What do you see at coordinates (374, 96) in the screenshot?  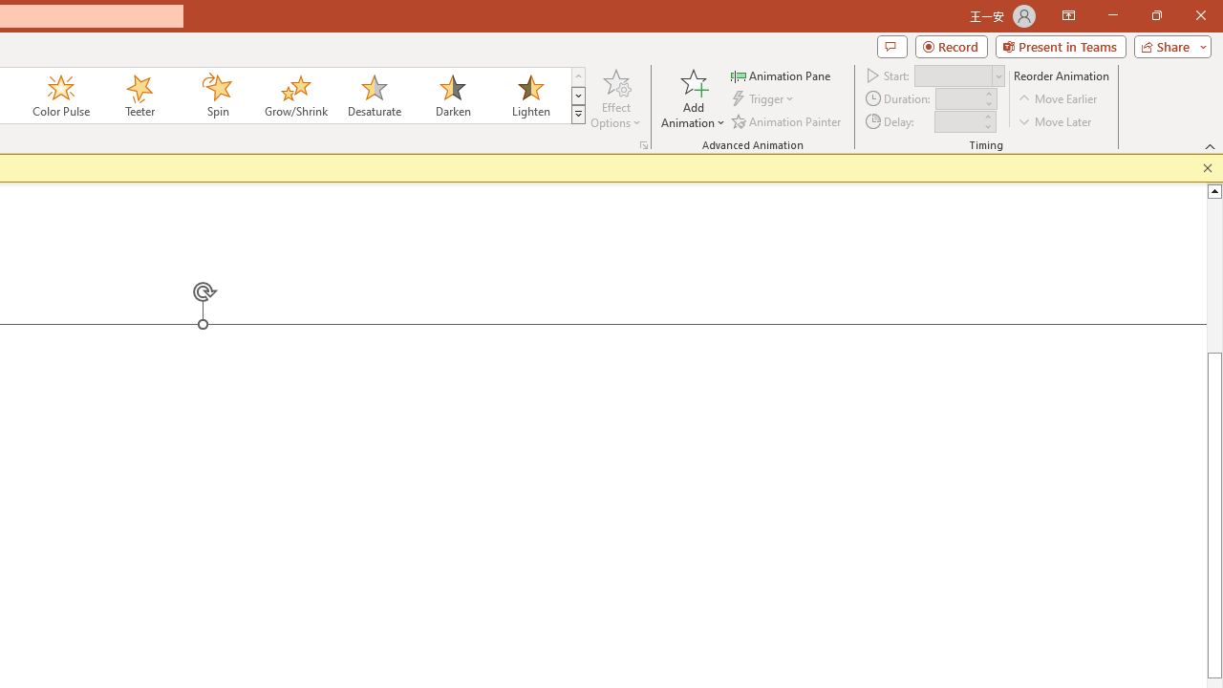 I see `'Desaturate'` at bounding box center [374, 96].